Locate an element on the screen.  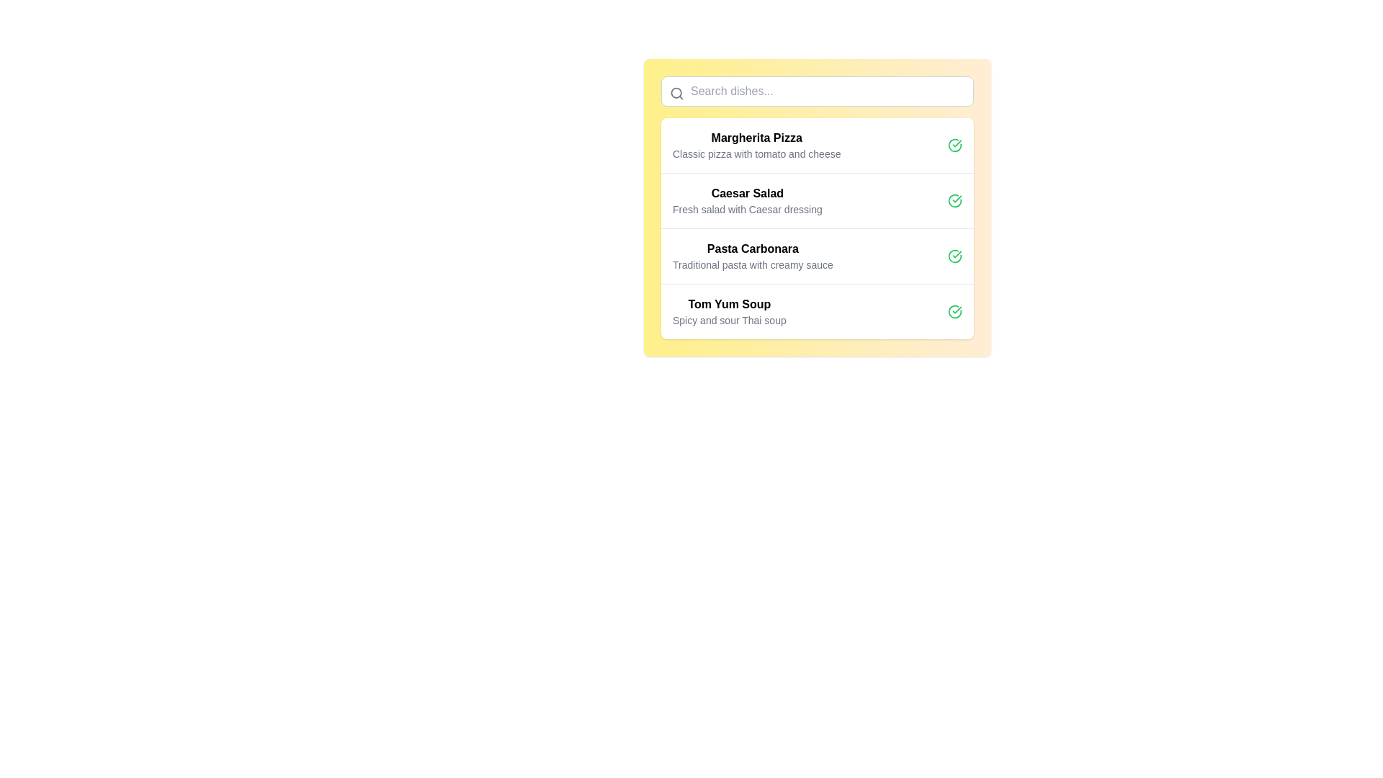
text element displaying 'Spicy and sour Thai soup', which is positioned below the title 'Tom Yum Soup' in the listing box is located at coordinates (729, 319).